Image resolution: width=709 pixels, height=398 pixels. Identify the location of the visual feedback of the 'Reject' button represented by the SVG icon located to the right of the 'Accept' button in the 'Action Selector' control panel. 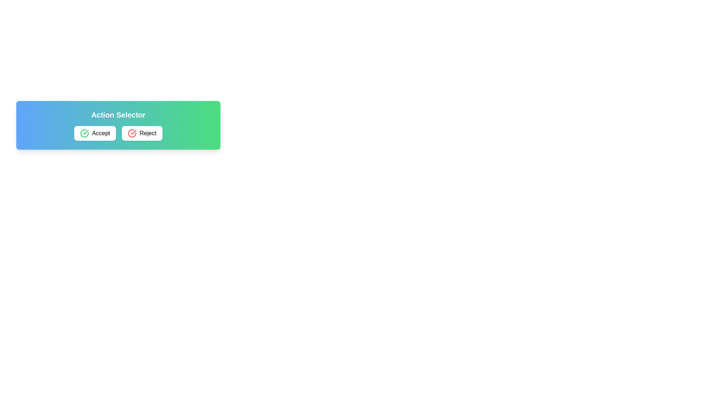
(86, 132).